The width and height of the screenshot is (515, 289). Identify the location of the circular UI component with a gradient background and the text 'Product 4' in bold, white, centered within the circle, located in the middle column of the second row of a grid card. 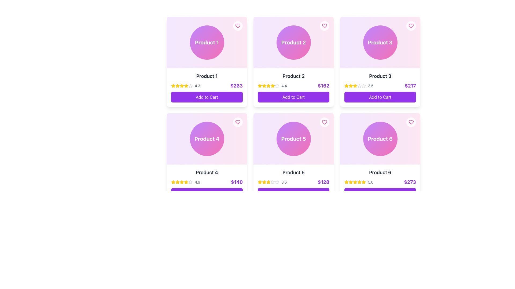
(207, 139).